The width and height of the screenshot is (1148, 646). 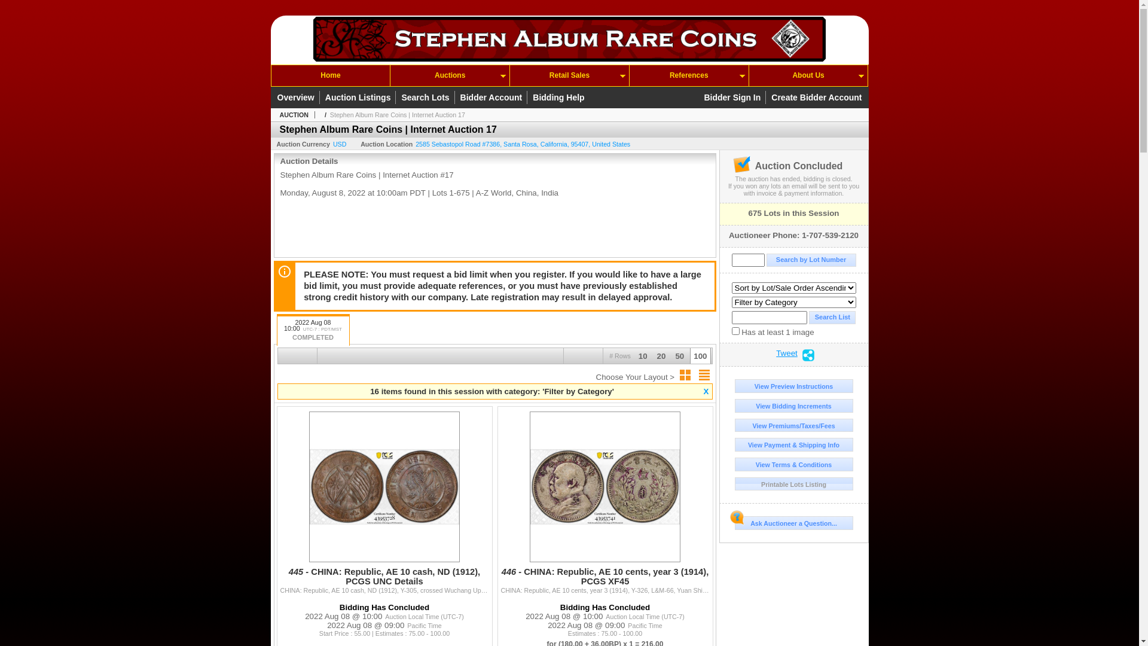 I want to click on 'Bidding Help', so click(x=558, y=96).